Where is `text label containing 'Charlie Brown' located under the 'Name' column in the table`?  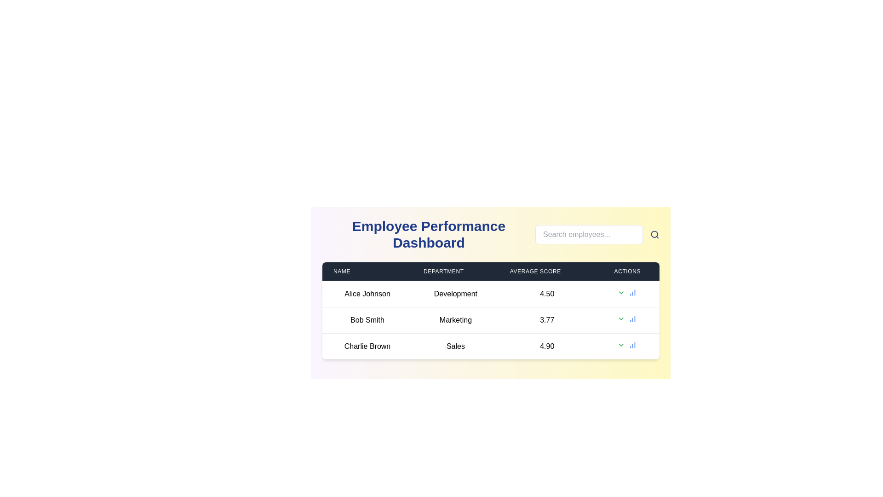 text label containing 'Charlie Brown' located under the 'Name' column in the table is located at coordinates (367, 346).